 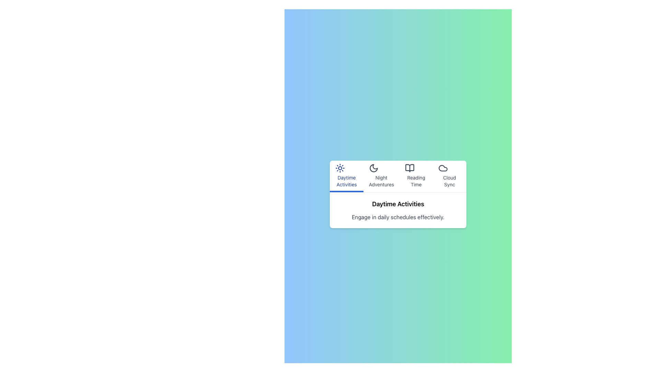 I want to click on the Text Label that serves as a title for daytime activities, positioned above the description text 'Engage in daily schedules effectively.', so click(x=398, y=203).